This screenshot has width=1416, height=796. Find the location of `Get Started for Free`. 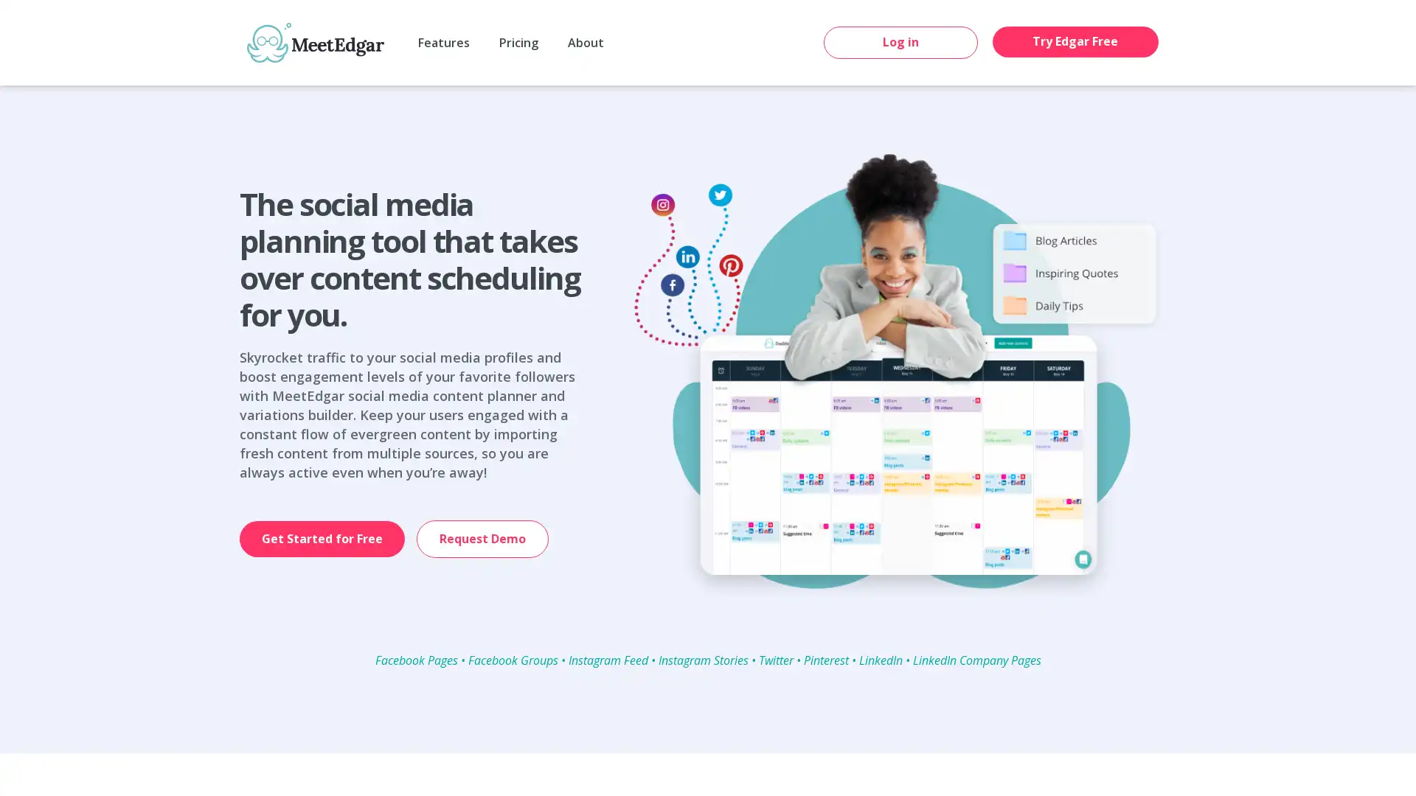

Get Started for Free is located at coordinates (321, 539).